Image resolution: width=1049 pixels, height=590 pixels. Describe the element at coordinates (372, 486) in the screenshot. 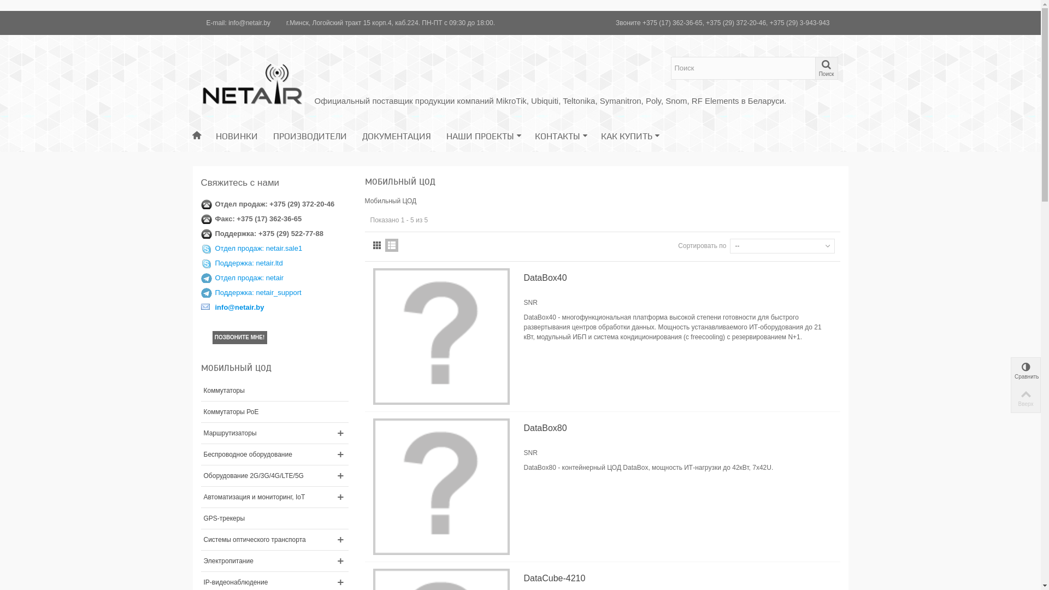

I see `'DataBox80'` at that location.